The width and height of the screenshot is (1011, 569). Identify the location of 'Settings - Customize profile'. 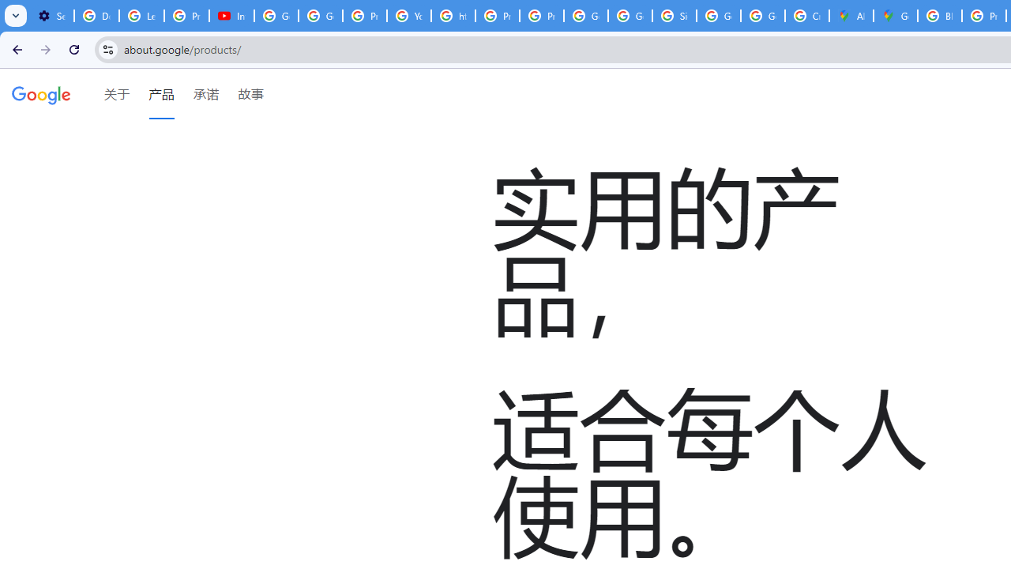
(51, 16).